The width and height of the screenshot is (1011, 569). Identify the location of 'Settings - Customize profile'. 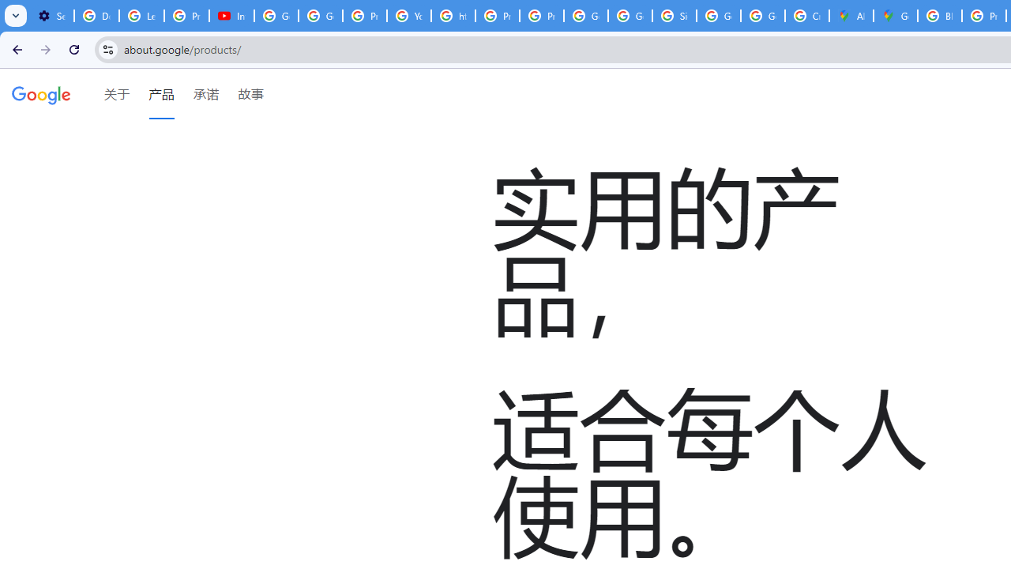
(51, 16).